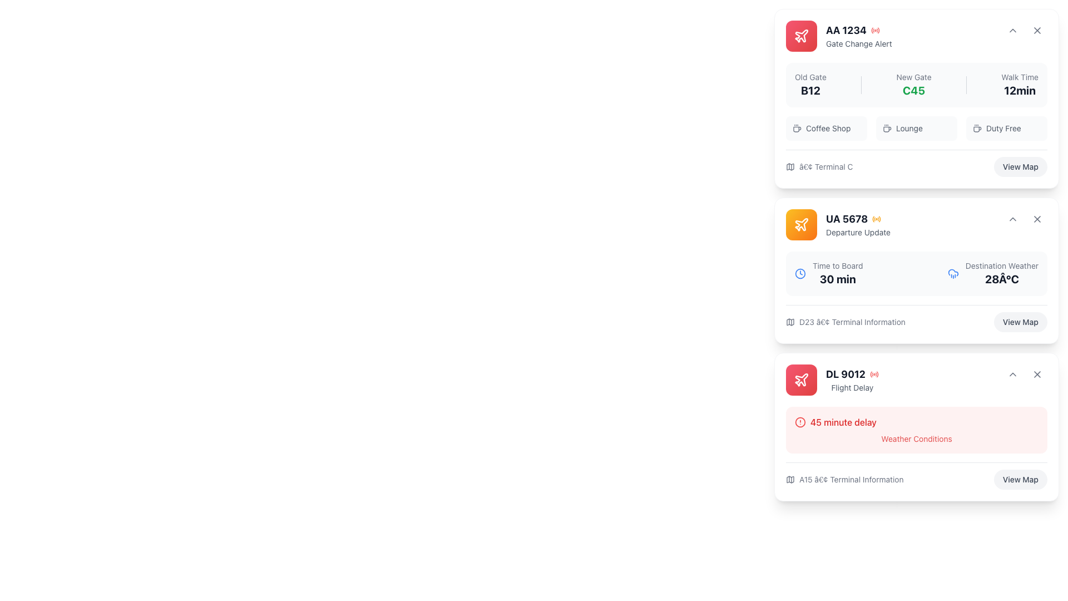 The width and height of the screenshot is (1068, 601). Describe the element at coordinates (1012, 29) in the screenshot. I see `the icon in the upper right-hand corner of the 'AA 1234 Gate Change Alert' card` at that location.